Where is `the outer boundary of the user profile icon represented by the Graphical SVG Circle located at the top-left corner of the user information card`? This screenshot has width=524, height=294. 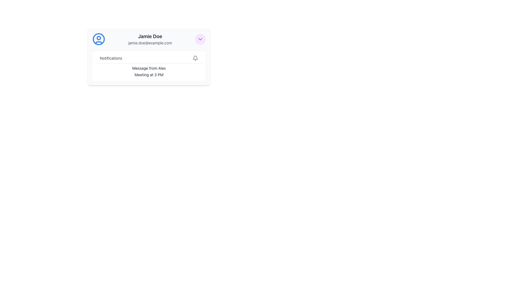 the outer boundary of the user profile icon represented by the Graphical SVG Circle located at the top-left corner of the user information card is located at coordinates (99, 39).